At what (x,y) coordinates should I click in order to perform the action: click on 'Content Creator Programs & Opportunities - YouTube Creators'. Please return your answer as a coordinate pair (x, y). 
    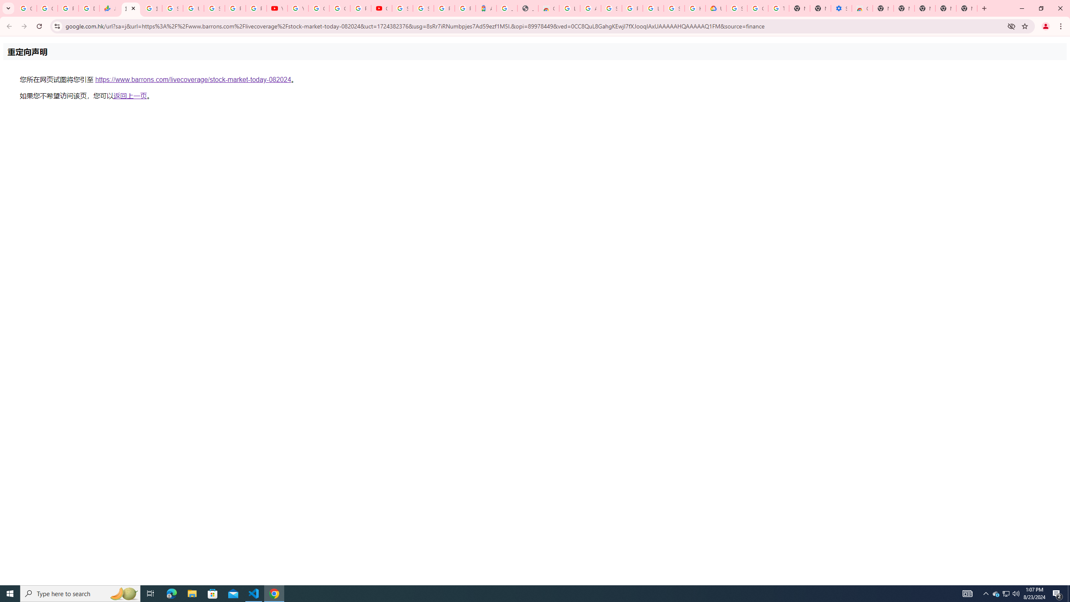
    Looking at the image, I should click on (381, 8).